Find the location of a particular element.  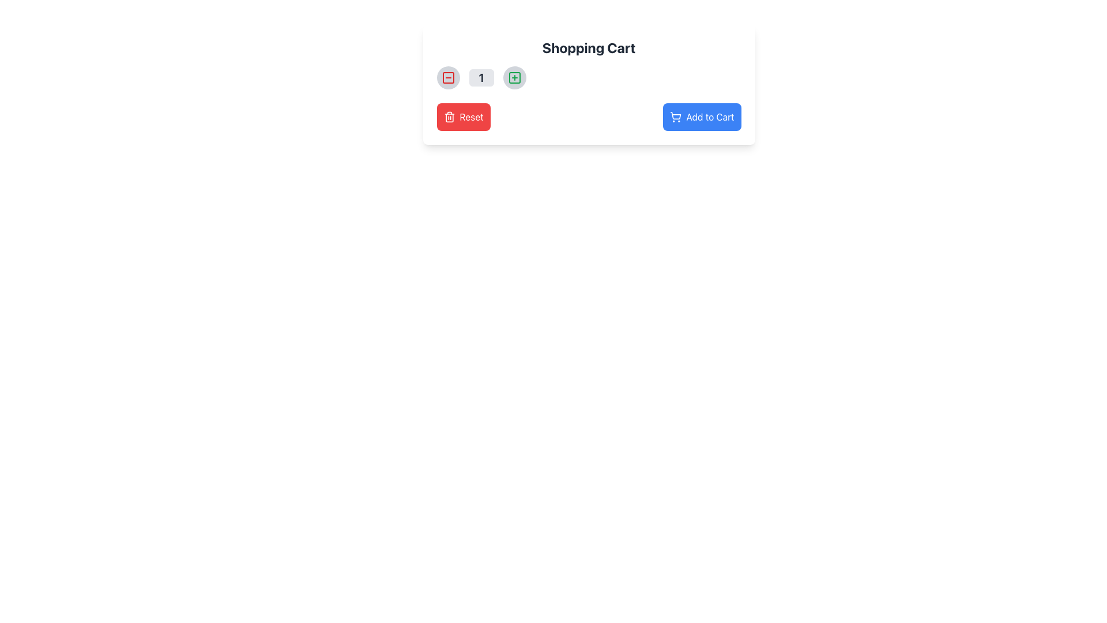

the circular button with a light grey background containing a red minus sign icon to decrease the quantity is located at coordinates (447, 78).